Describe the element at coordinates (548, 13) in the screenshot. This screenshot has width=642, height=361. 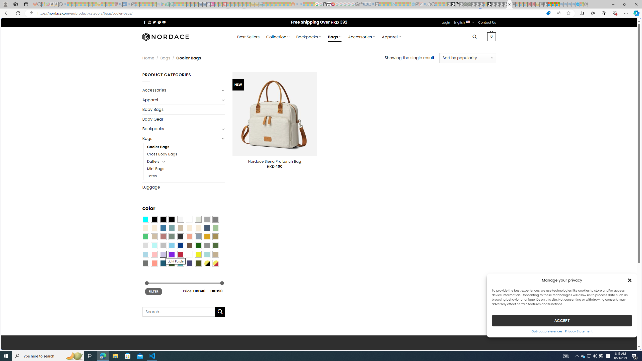
I see `'This site has coupons! Shopping in Microsoft Edge'` at that location.